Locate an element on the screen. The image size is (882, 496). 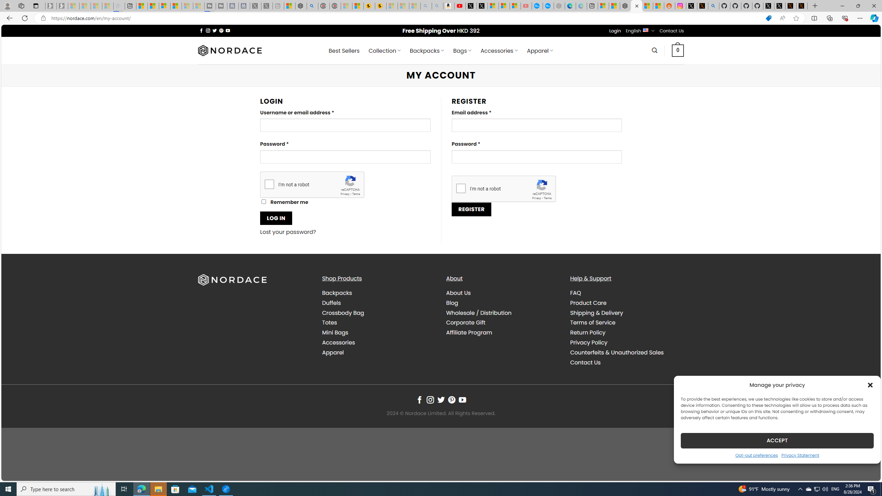
' 0 ' is located at coordinates (677, 50).